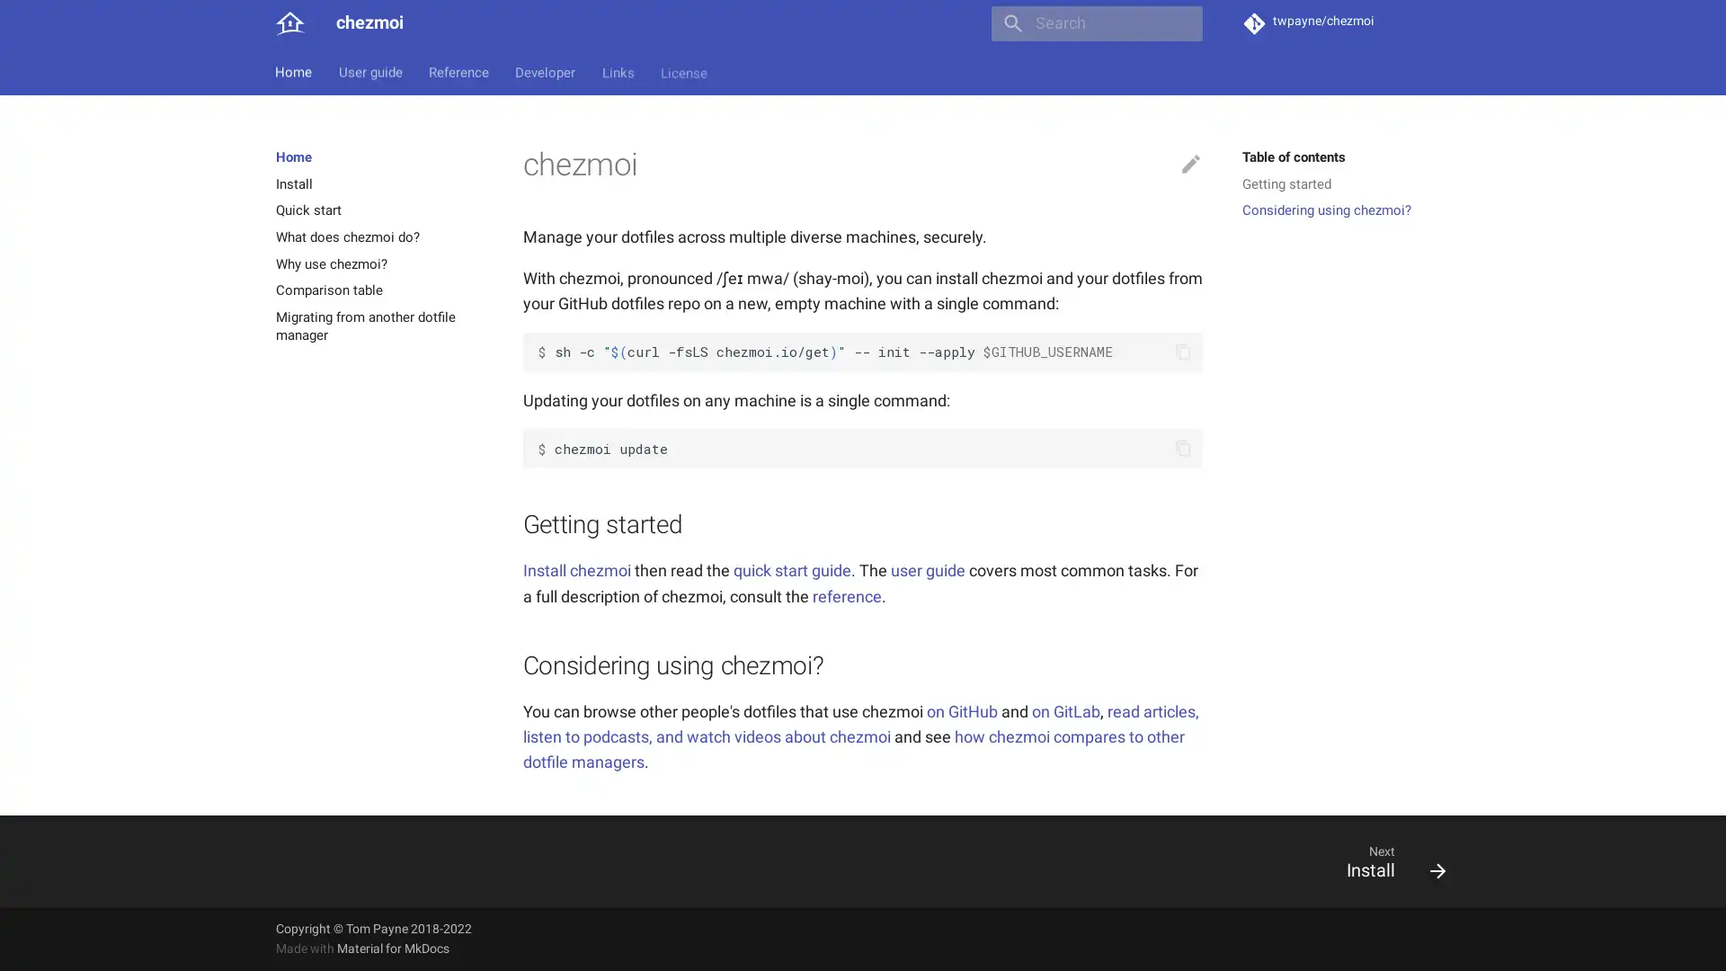  What do you see at coordinates (1182, 352) in the screenshot?
I see `Copy to clipboard` at bounding box center [1182, 352].